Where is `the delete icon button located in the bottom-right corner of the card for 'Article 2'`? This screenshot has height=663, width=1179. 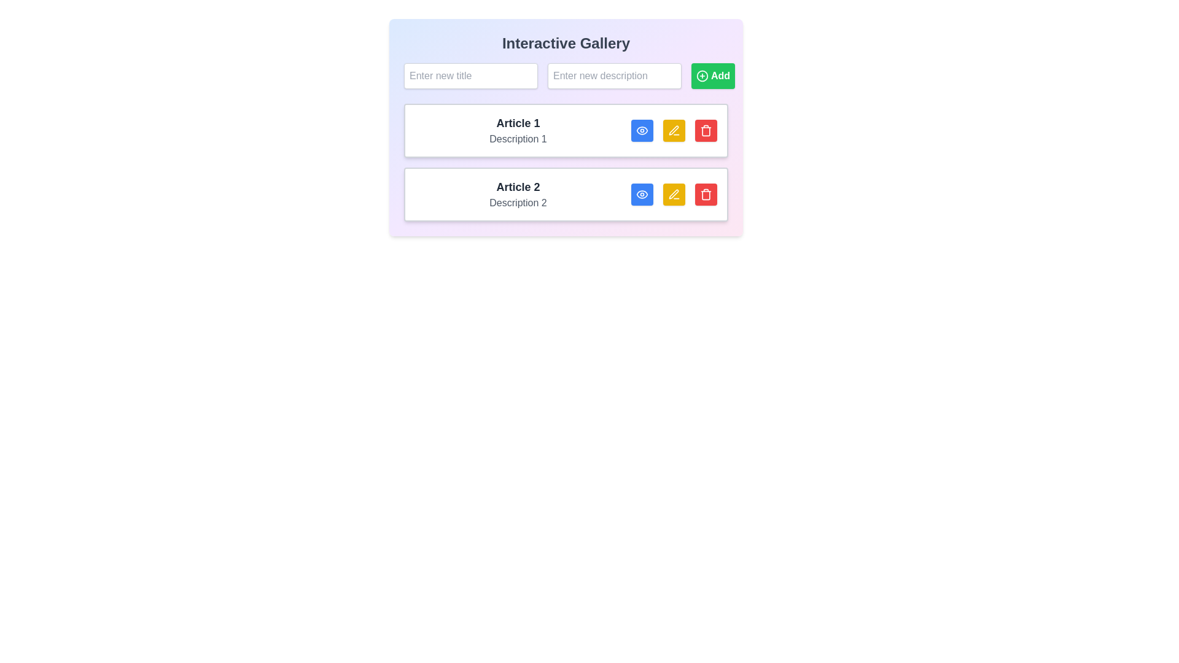
the delete icon button located in the bottom-right corner of the card for 'Article 2' is located at coordinates (706, 193).